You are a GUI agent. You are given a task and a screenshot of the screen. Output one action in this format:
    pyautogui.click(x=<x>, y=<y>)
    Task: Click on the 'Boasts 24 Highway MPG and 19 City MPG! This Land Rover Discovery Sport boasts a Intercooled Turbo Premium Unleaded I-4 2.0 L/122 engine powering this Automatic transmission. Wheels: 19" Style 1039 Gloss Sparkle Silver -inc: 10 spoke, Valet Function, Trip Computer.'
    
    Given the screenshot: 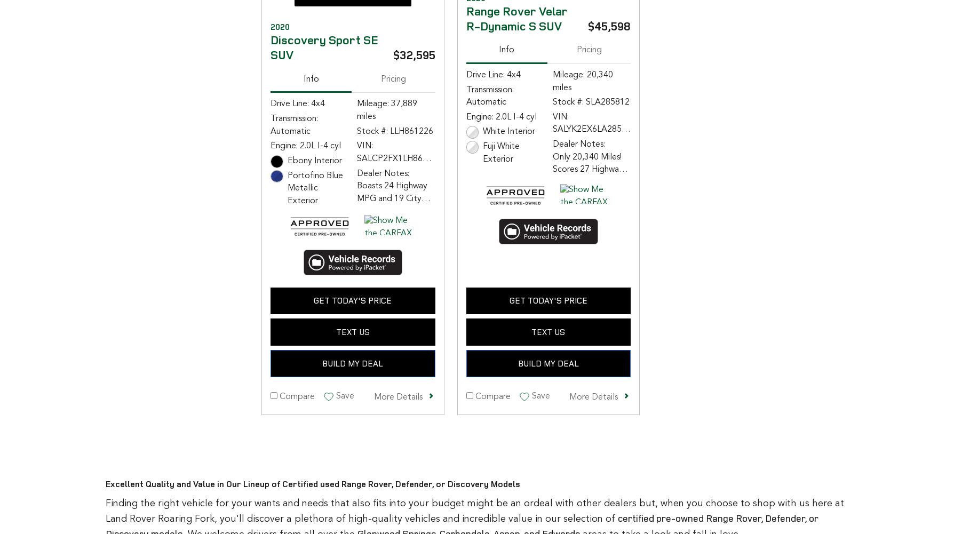 What is the action you would take?
    pyautogui.click(x=357, y=280)
    